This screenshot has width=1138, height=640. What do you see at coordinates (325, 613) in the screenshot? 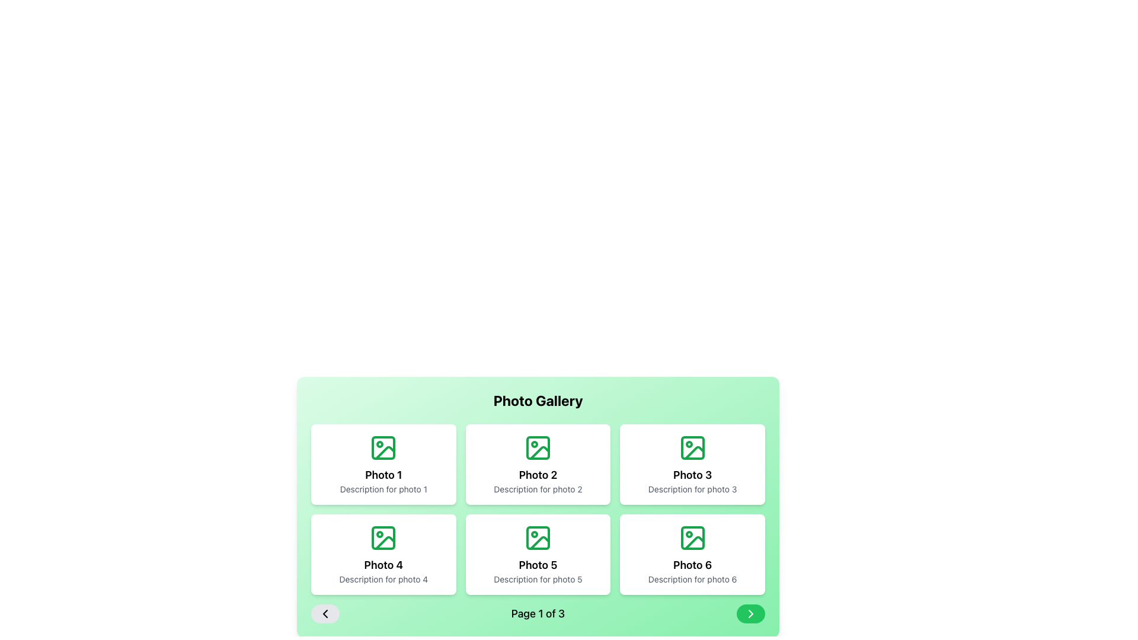
I see `the left-pointing chevron arrow icon within the rounded light gray button located at the bottom-left corner of the photo gallery interface` at bounding box center [325, 613].